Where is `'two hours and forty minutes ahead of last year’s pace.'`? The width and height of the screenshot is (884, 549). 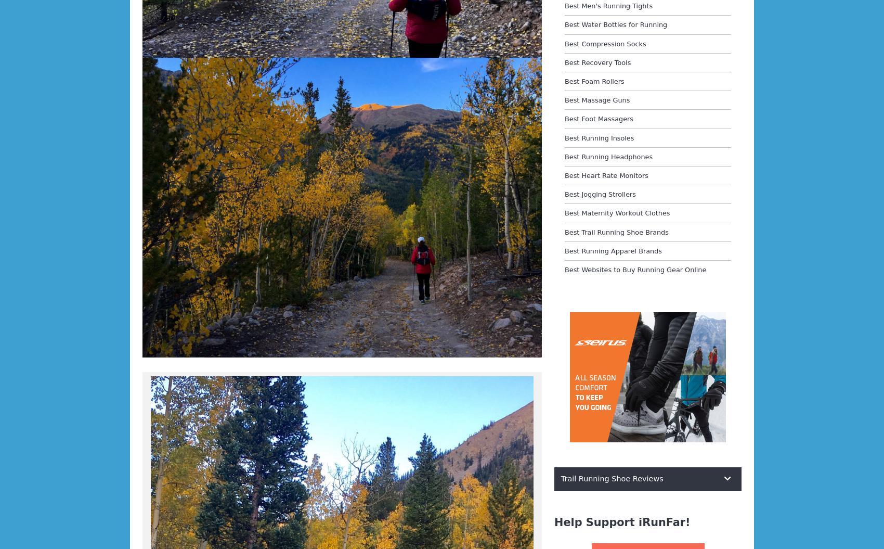 'two hours and forty minutes ahead of last year’s pace.' is located at coordinates (276, 107).